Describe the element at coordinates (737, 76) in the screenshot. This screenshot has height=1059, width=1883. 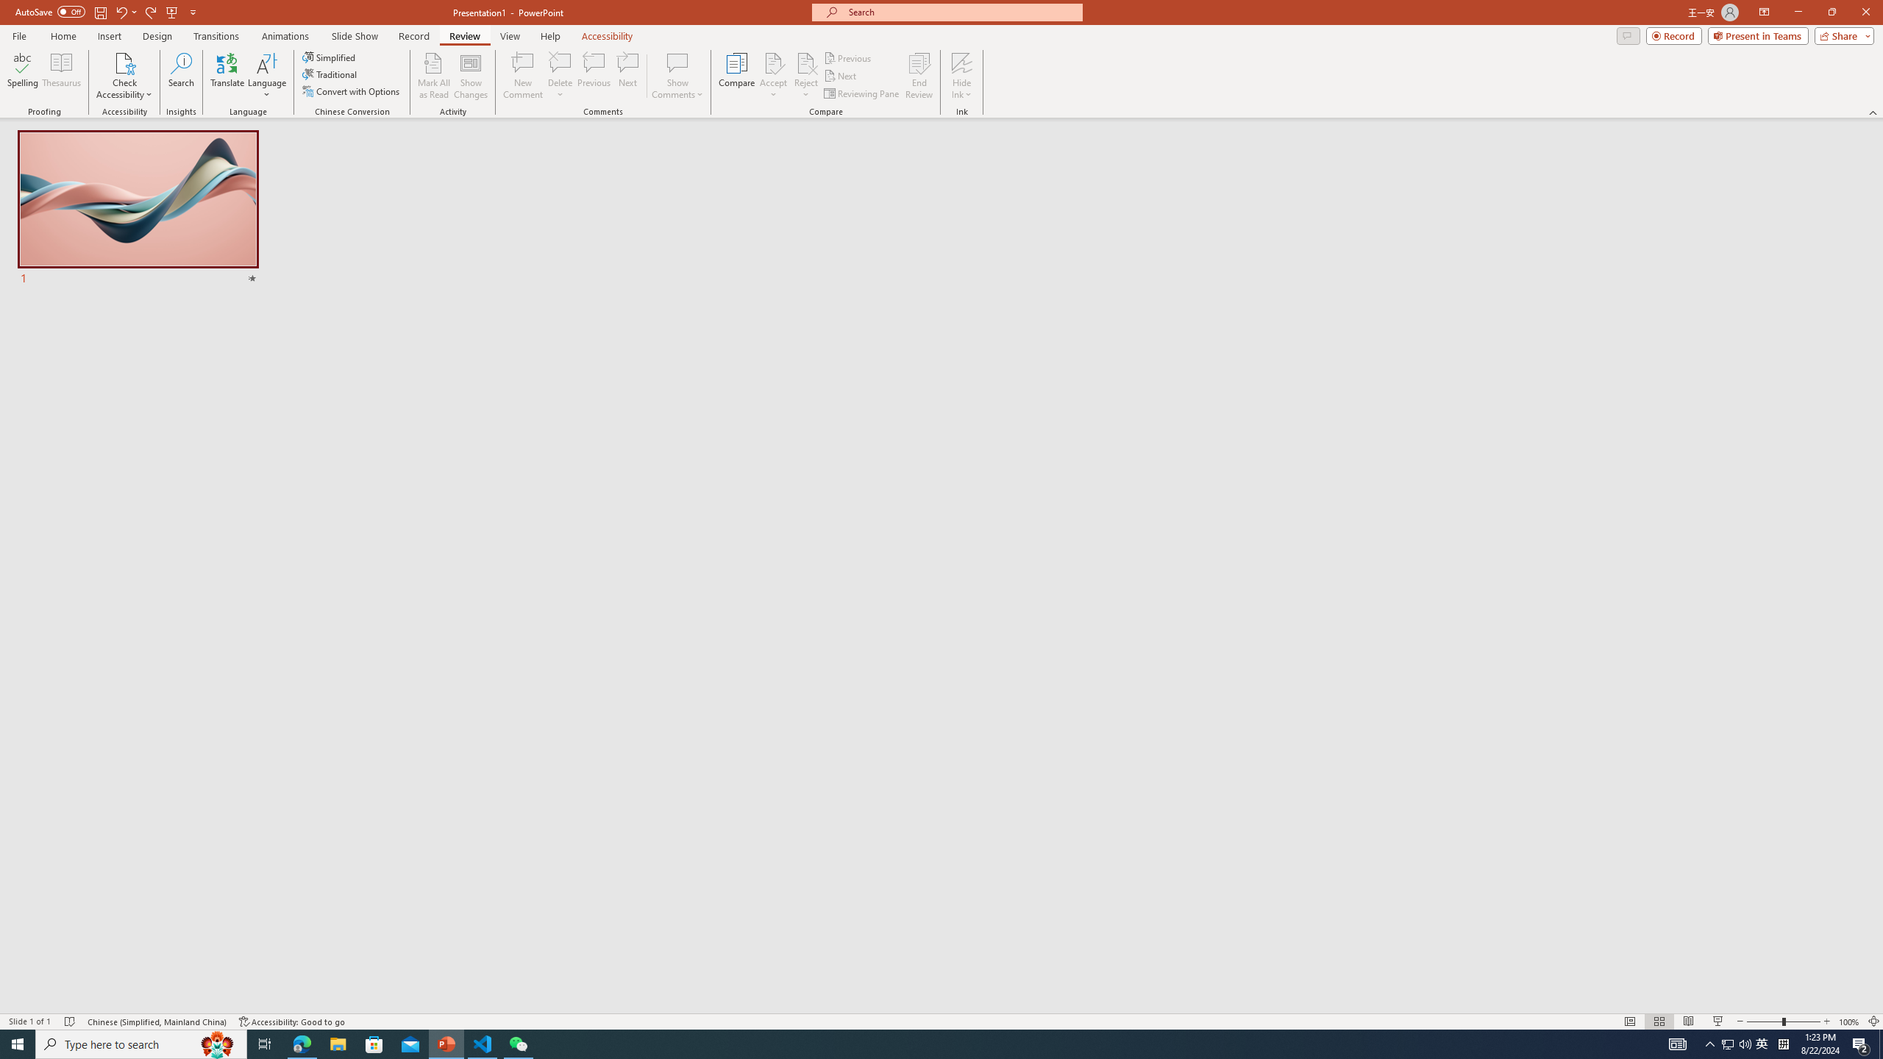
I see `'Compare'` at that location.